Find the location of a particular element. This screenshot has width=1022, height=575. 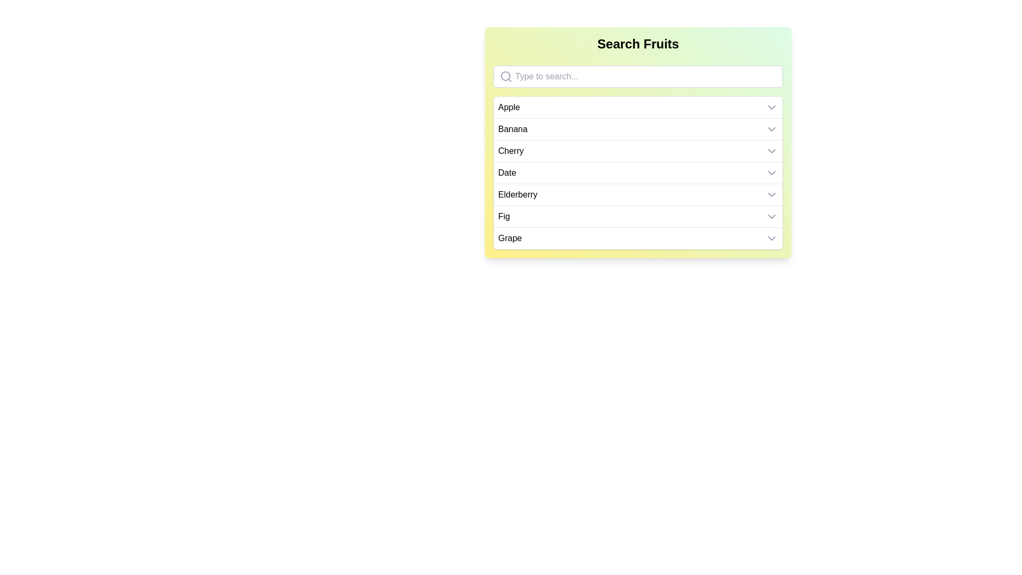

the Chevron icon located at the far-right side of the row labeled 'Cherry' is located at coordinates (771, 151).